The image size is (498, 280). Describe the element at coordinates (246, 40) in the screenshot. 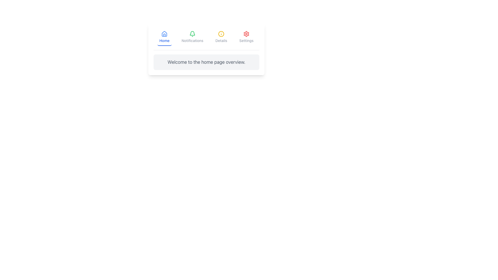

I see `the 'Settings' label in the navigation bar, which is located below a gear icon and is the fourth item from the left` at that location.